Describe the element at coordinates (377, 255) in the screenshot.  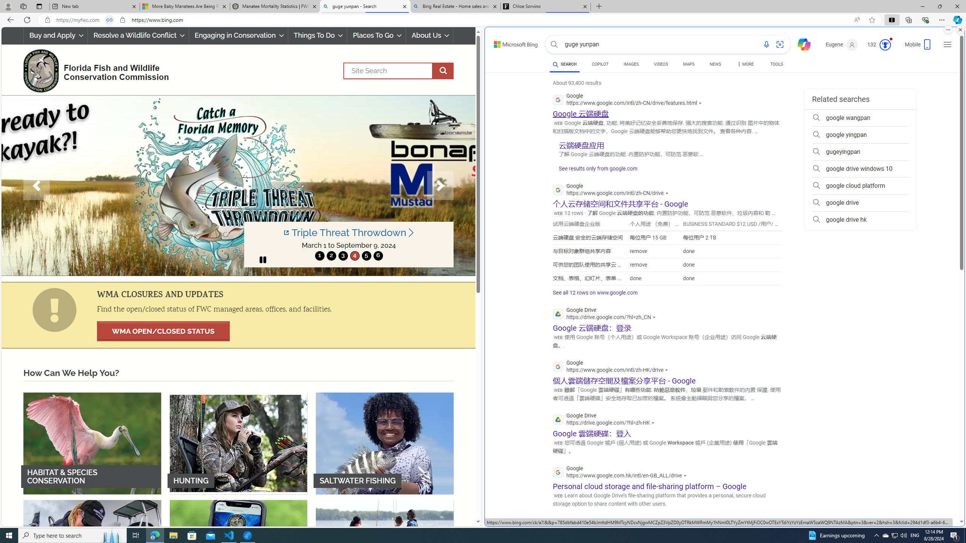
I see `'6'` at that location.